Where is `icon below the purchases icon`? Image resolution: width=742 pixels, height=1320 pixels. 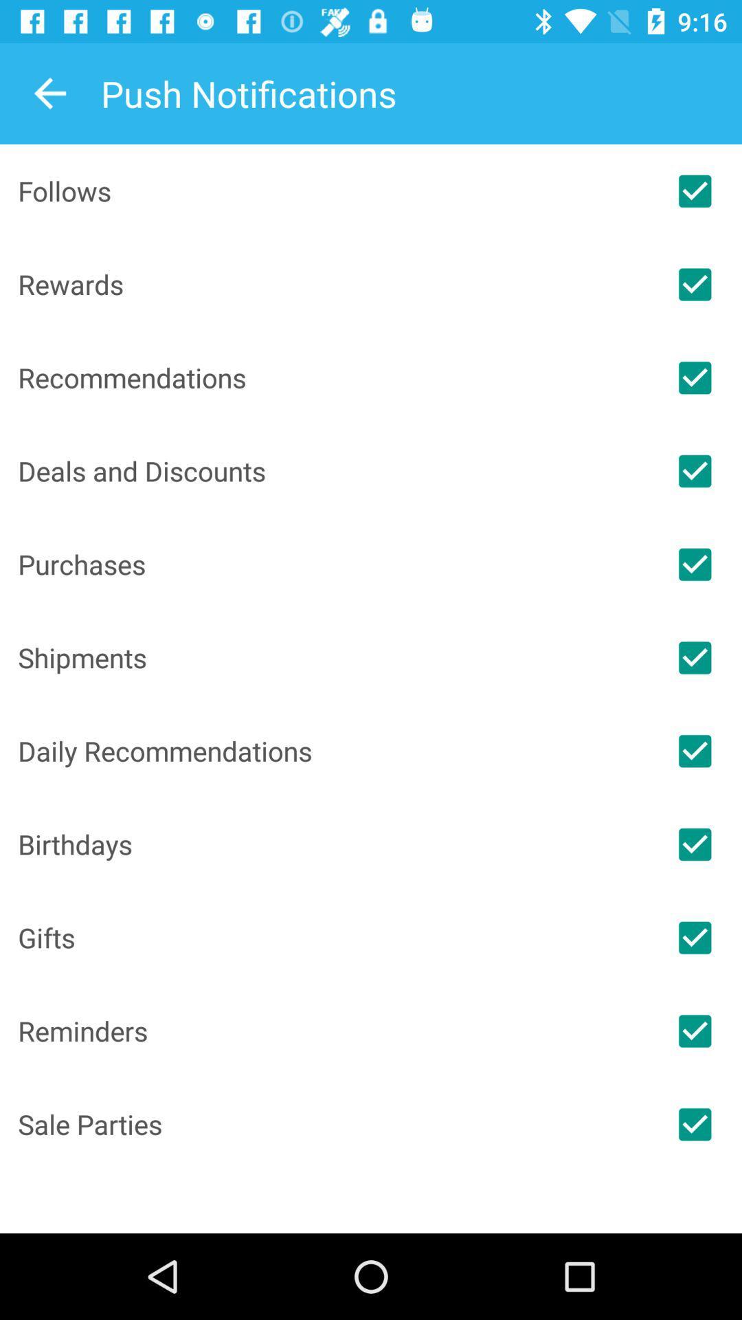
icon below the purchases icon is located at coordinates (333, 657).